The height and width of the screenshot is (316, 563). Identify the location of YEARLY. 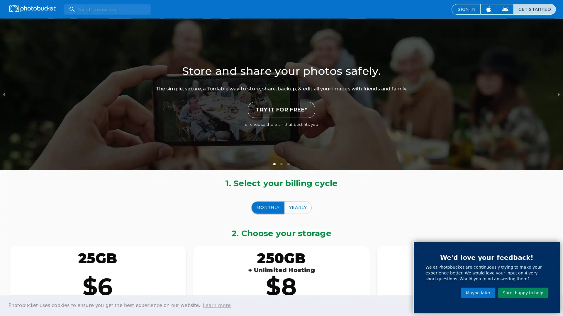
(298, 207).